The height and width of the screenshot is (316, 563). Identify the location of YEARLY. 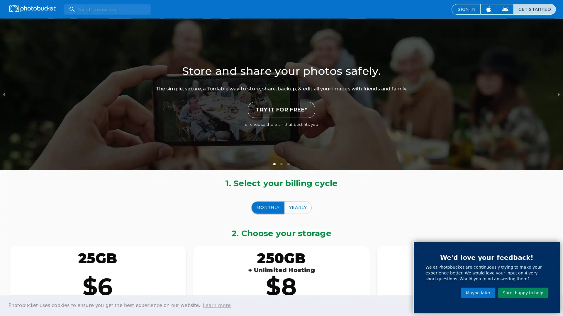
(298, 207).